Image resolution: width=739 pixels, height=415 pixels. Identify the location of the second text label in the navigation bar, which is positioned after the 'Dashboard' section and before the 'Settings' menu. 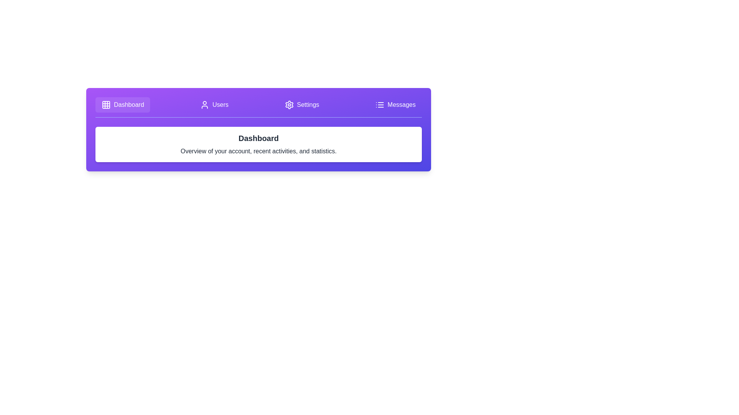
(220, 105).